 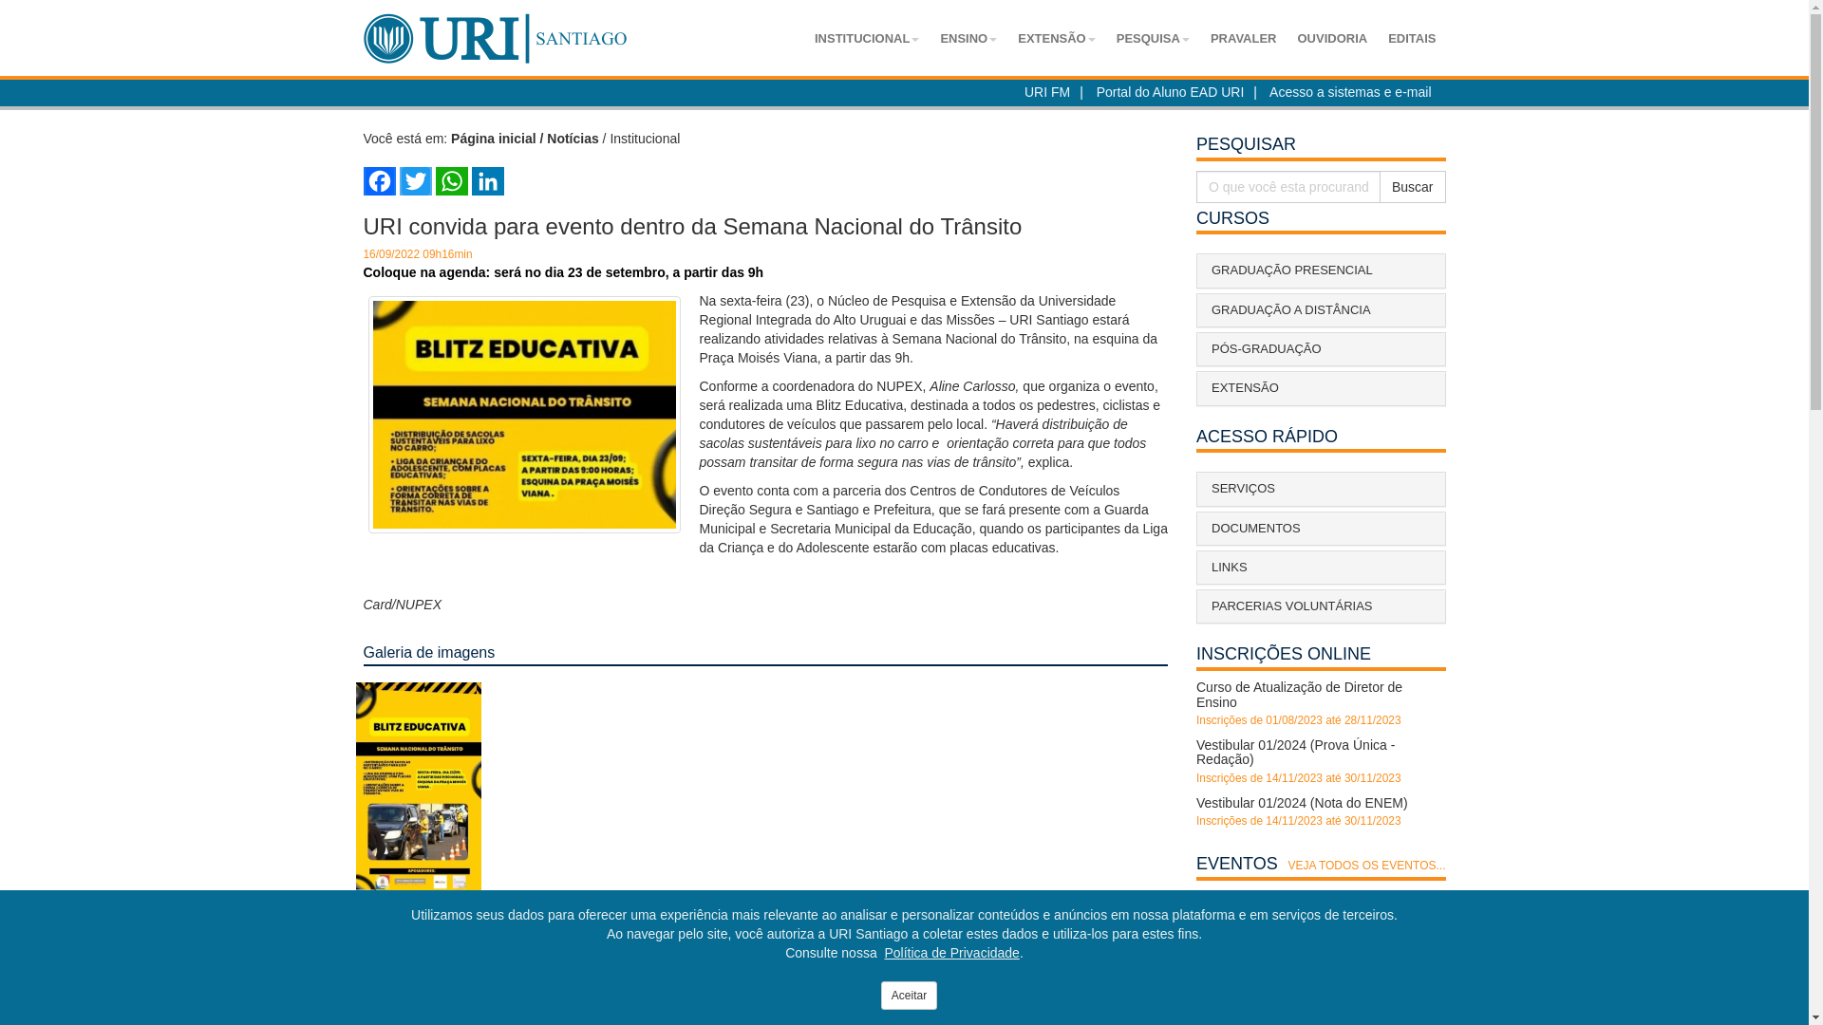 I want to click on 'INSTITUCIONAL', so click(x=865, y=39).